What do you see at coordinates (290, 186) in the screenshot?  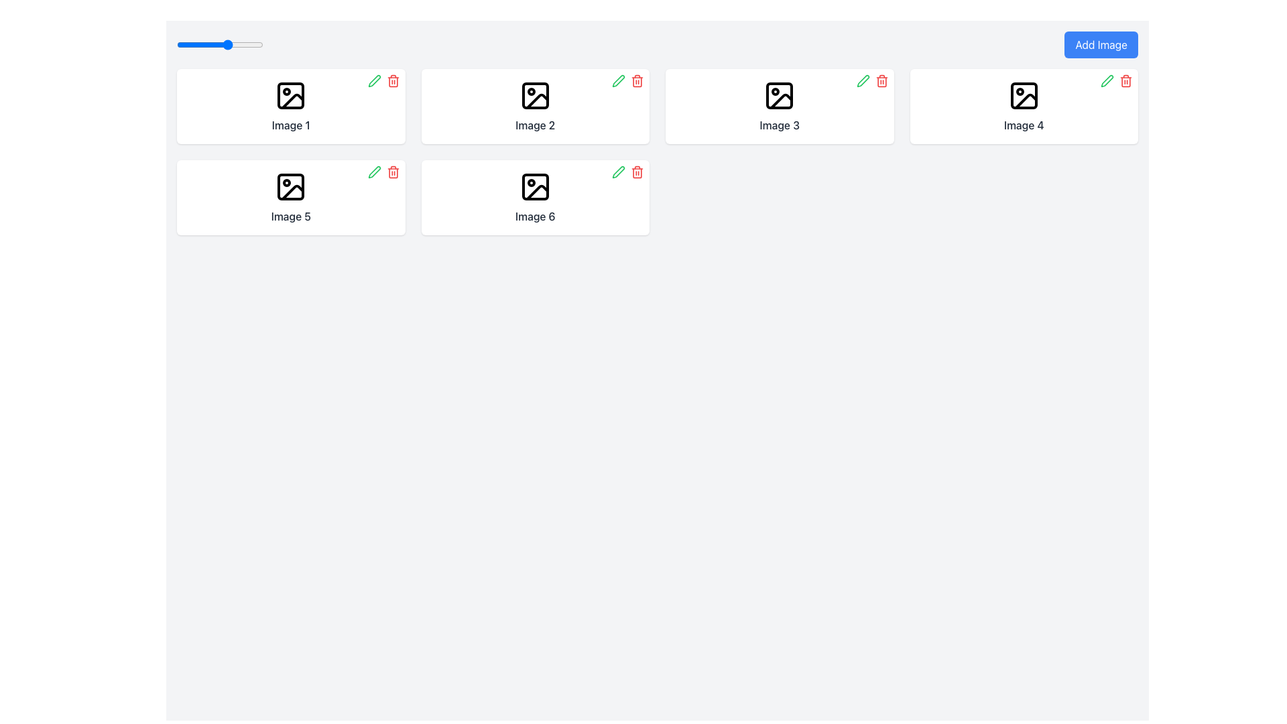 I see `the small rounded rectangle SVG shape with a white background and black border, located in the second row, first column of a grid layout` at bounding box center [290, 186].